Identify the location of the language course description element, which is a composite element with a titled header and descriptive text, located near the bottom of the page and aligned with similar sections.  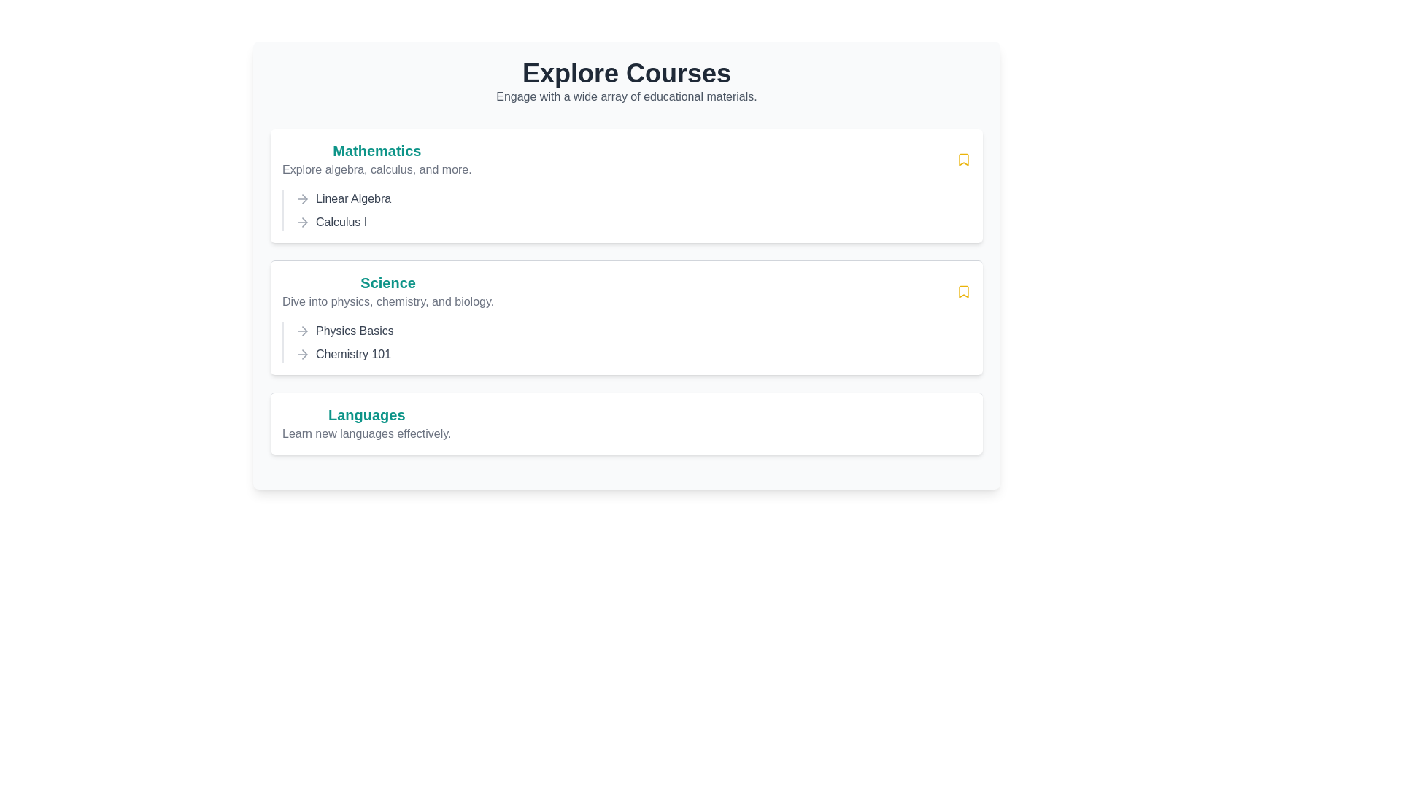
(366, 424).